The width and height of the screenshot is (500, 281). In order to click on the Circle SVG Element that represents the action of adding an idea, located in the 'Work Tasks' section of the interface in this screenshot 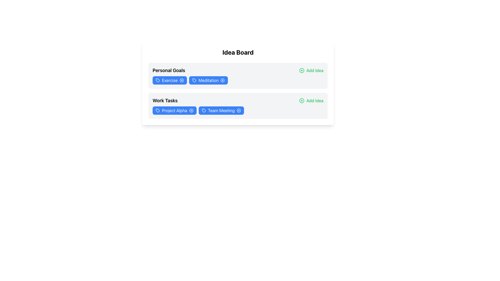, I will do `click(302, 100)`.